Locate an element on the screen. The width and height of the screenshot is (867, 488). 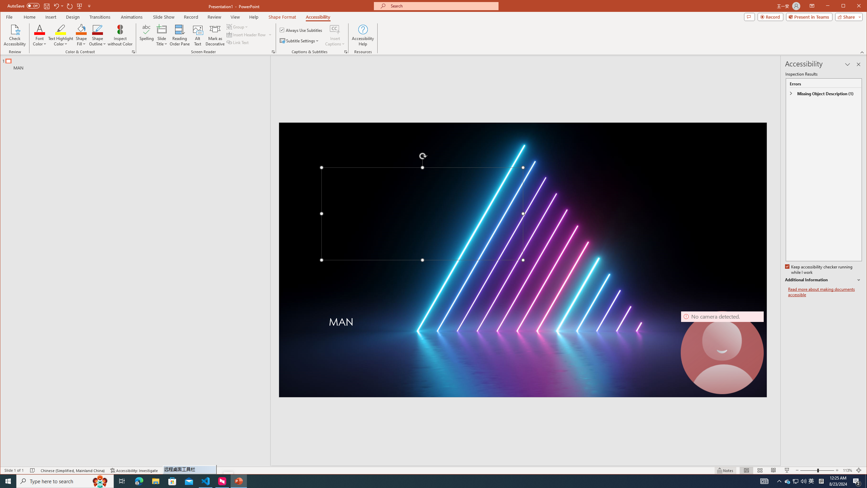
'Zoom 113%' is located at coordinates (847, 470).